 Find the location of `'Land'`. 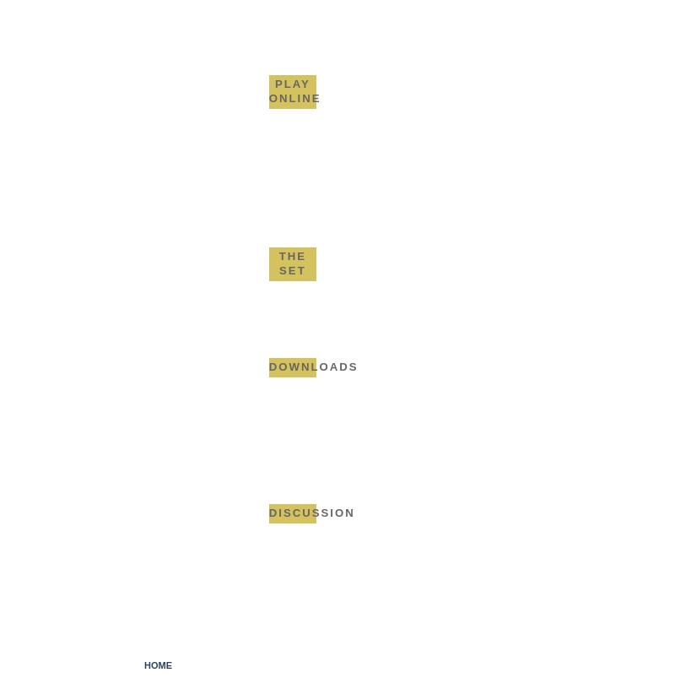

'Land' is located at coordinates (312, 47).